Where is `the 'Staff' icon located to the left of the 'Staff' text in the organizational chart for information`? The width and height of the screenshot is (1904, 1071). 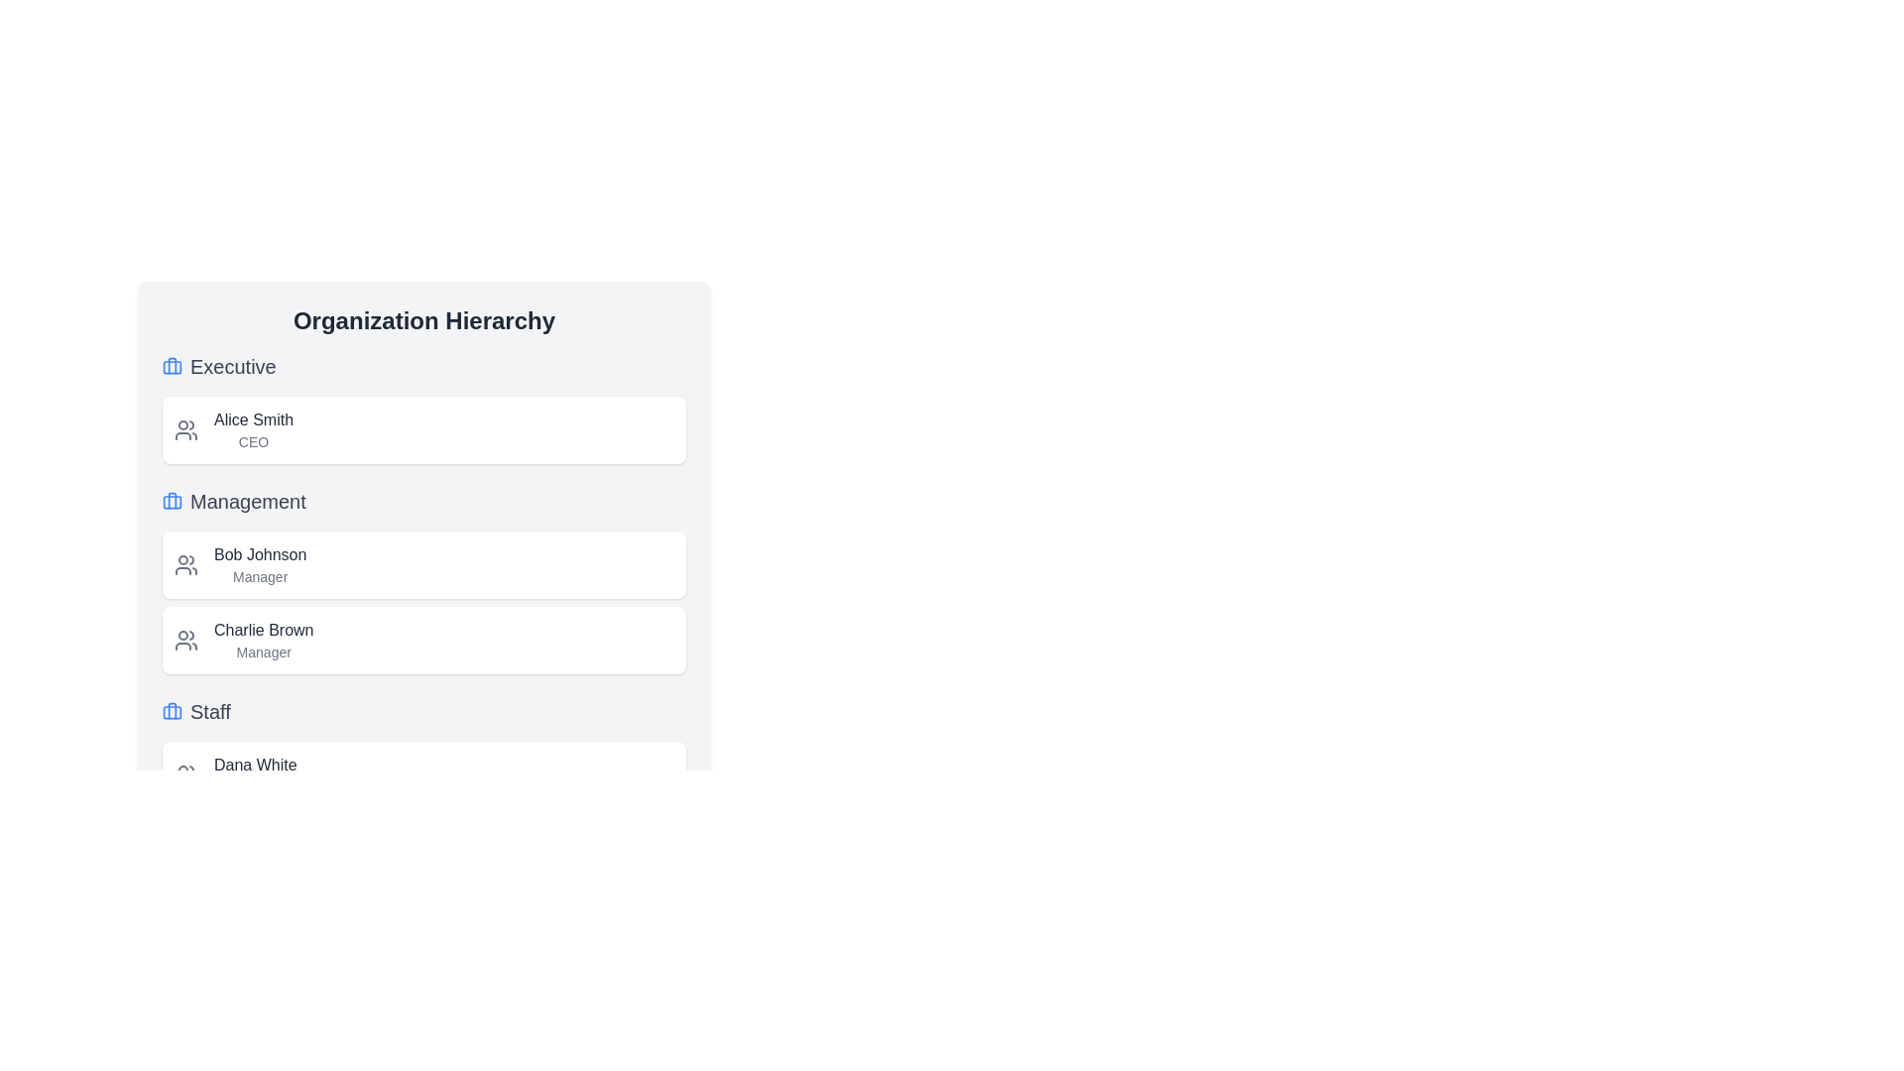
the 'Staff' icon located to the left of the 'Staff' text in the organizational chart for information is located at coordinates (172, 710).